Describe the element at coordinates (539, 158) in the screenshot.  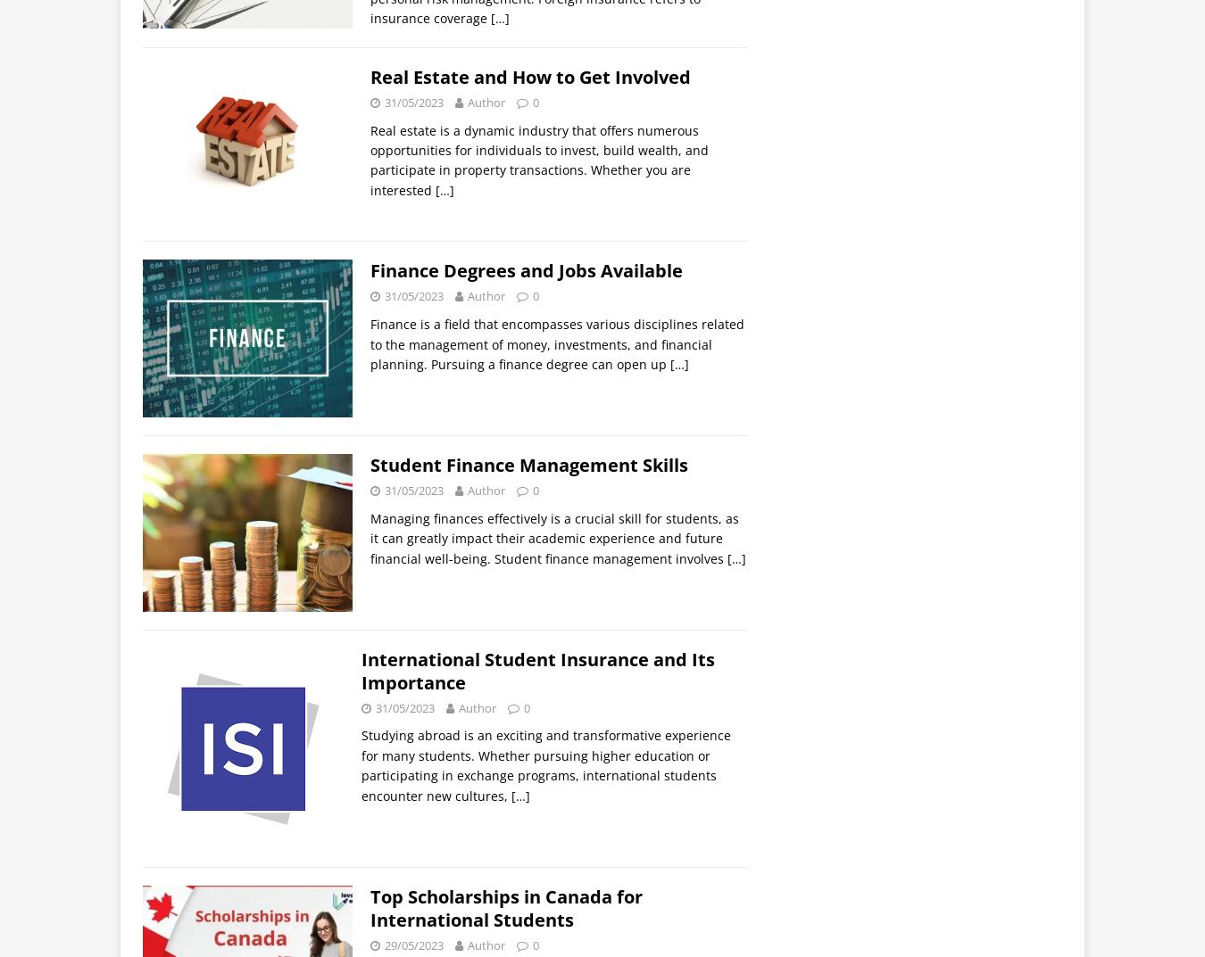
I see `'Real estate is a dynamic industry that offers numerous opportunities for individuals to invest, build wealth, and participate in property transactions. Whether you are interested'` at that location.